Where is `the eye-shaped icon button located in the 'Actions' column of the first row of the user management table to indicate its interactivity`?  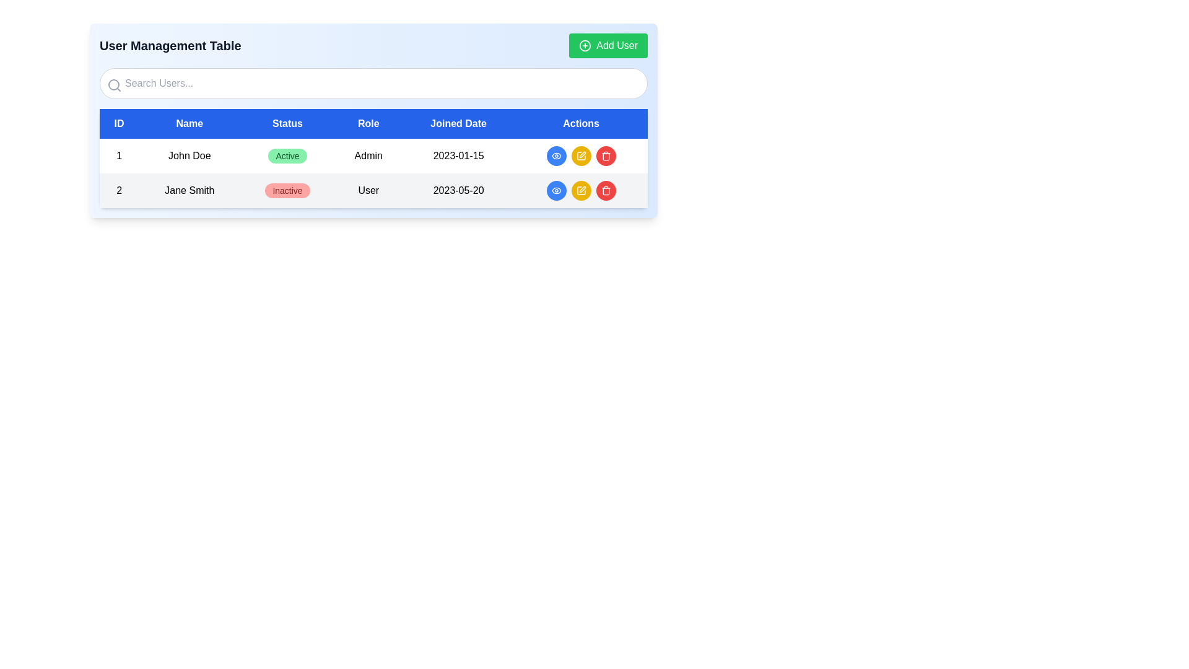 the eye-shaped icon button located in the 'Actions' column of the first row of the user management table to indicate its interactivity is located at coordinates (555, 191).